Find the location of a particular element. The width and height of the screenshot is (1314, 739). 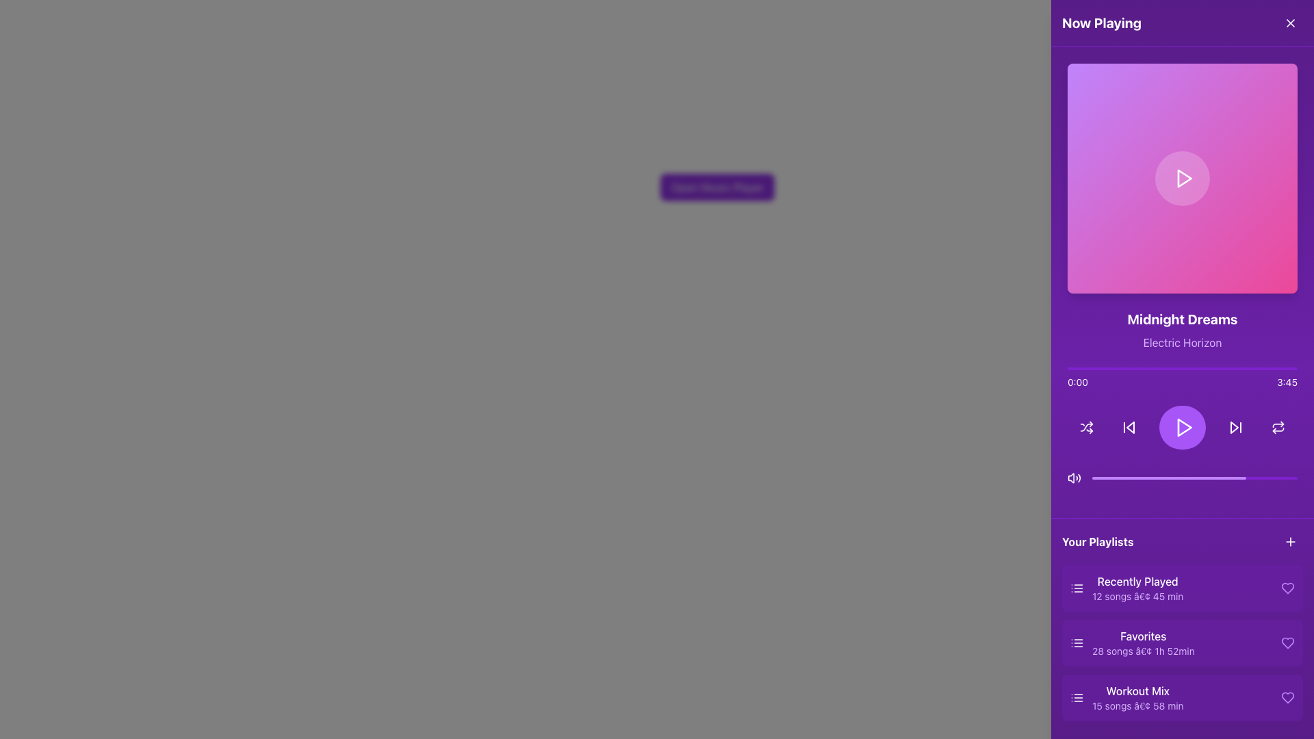

the circular purple play button located in the center of the bottom control bar is located at coordinates (1182, 426).